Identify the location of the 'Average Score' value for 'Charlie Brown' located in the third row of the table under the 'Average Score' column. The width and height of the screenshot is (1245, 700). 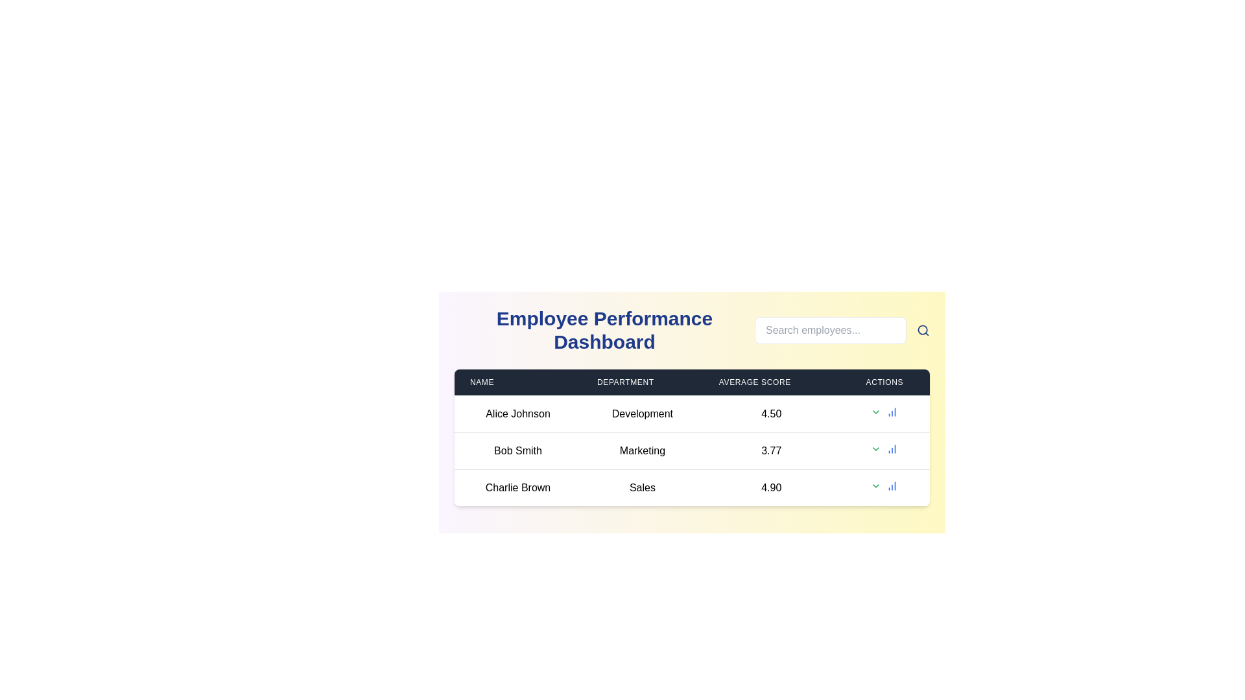
(771, 487).